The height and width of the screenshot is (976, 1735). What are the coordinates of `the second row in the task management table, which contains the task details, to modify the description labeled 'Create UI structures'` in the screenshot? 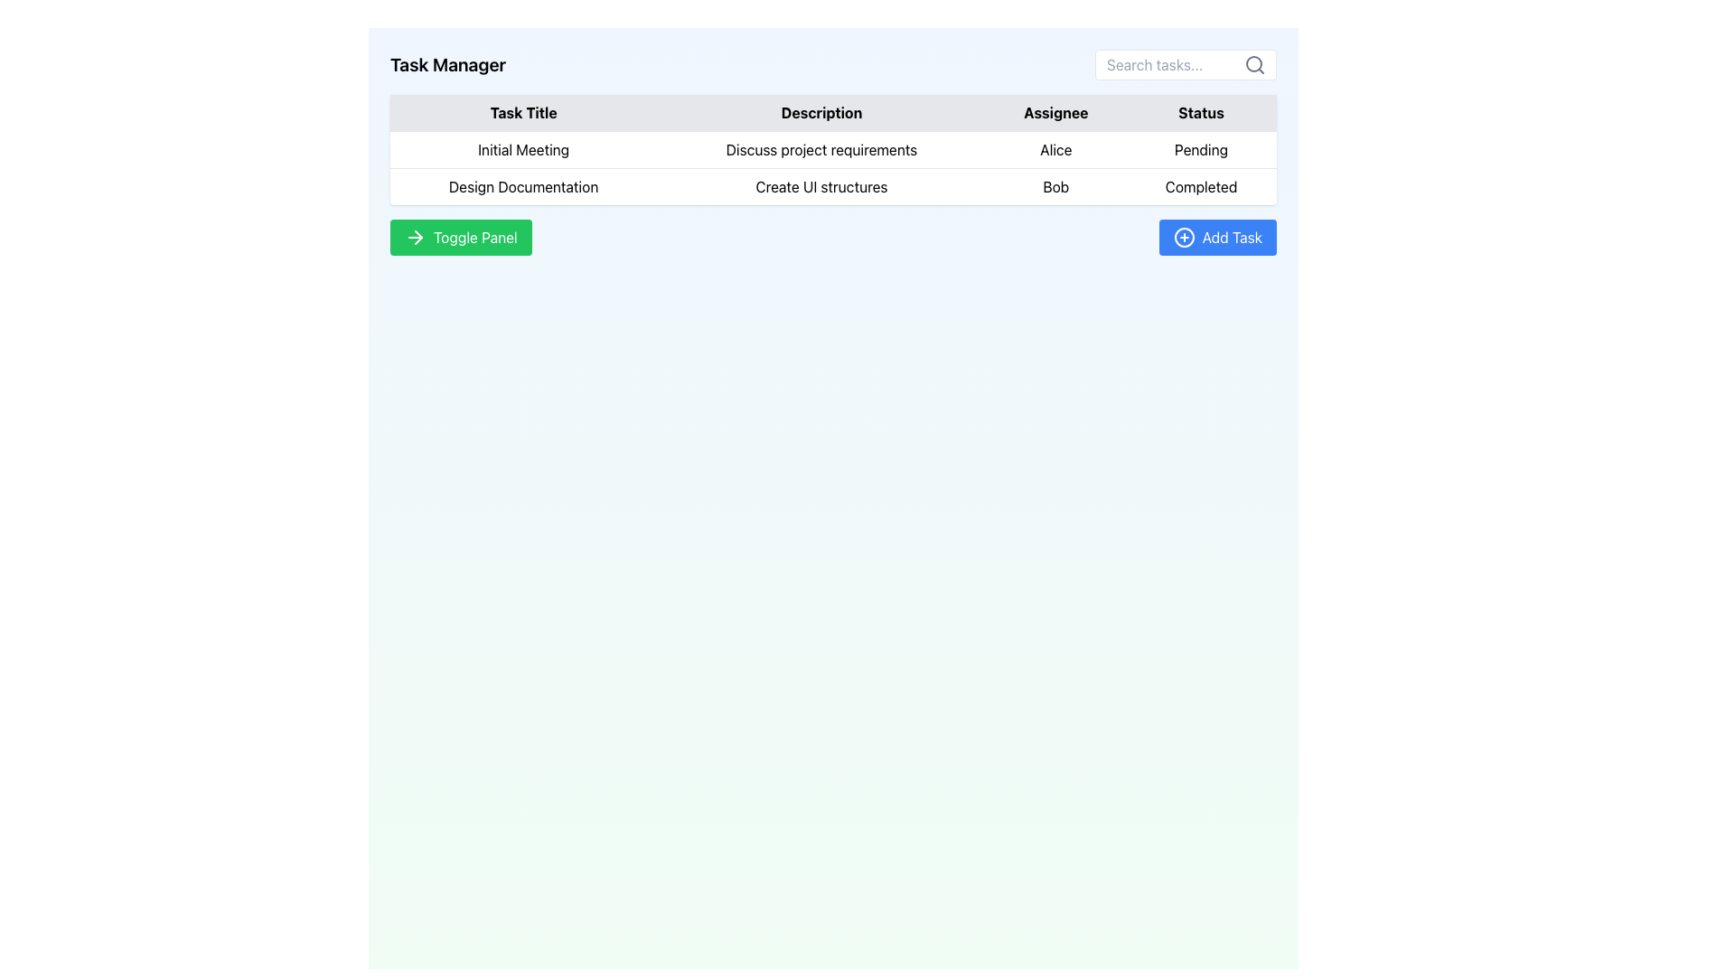 It's located at (832, 186).